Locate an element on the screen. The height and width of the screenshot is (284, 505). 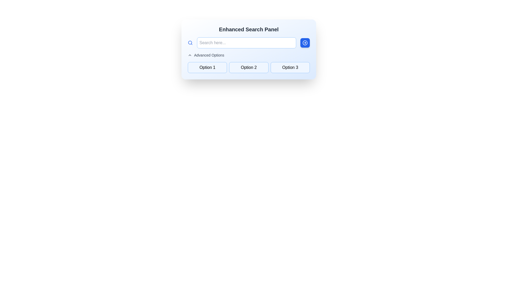
the collapse/hide icon located to the left of the 'Advanced Options' label, indicating the section can be collapsed is located at coordinates (189, 55).